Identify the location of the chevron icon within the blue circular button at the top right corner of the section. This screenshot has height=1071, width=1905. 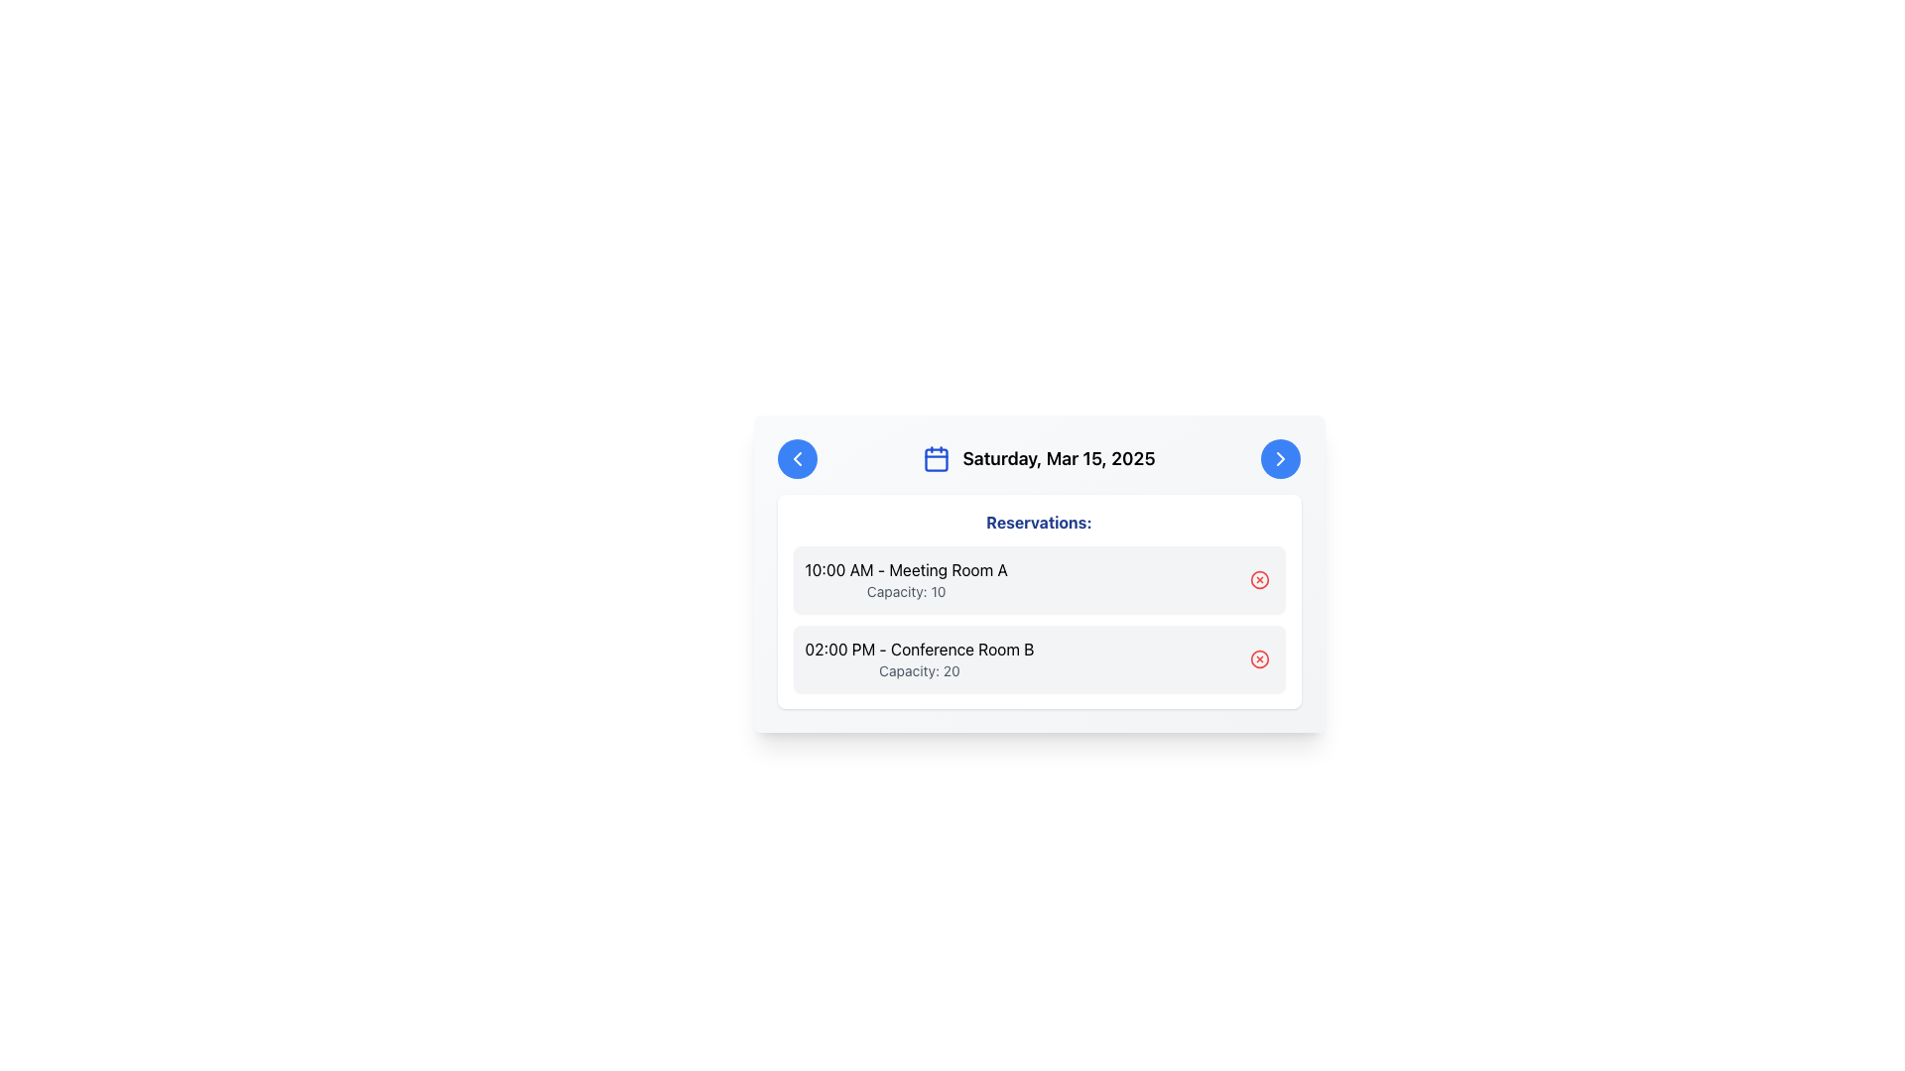
(1281, 458).